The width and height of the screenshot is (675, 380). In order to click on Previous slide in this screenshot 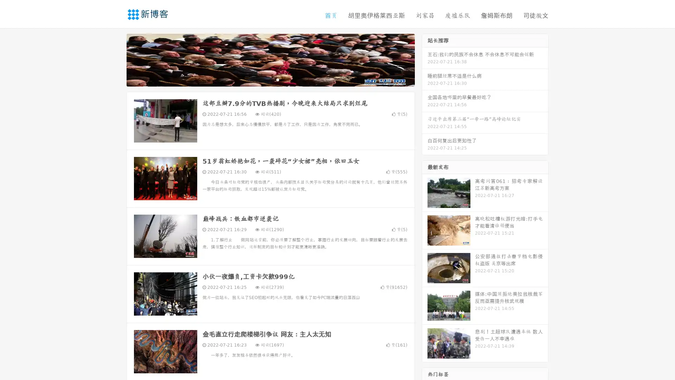, I will do `click(116, 59)`.